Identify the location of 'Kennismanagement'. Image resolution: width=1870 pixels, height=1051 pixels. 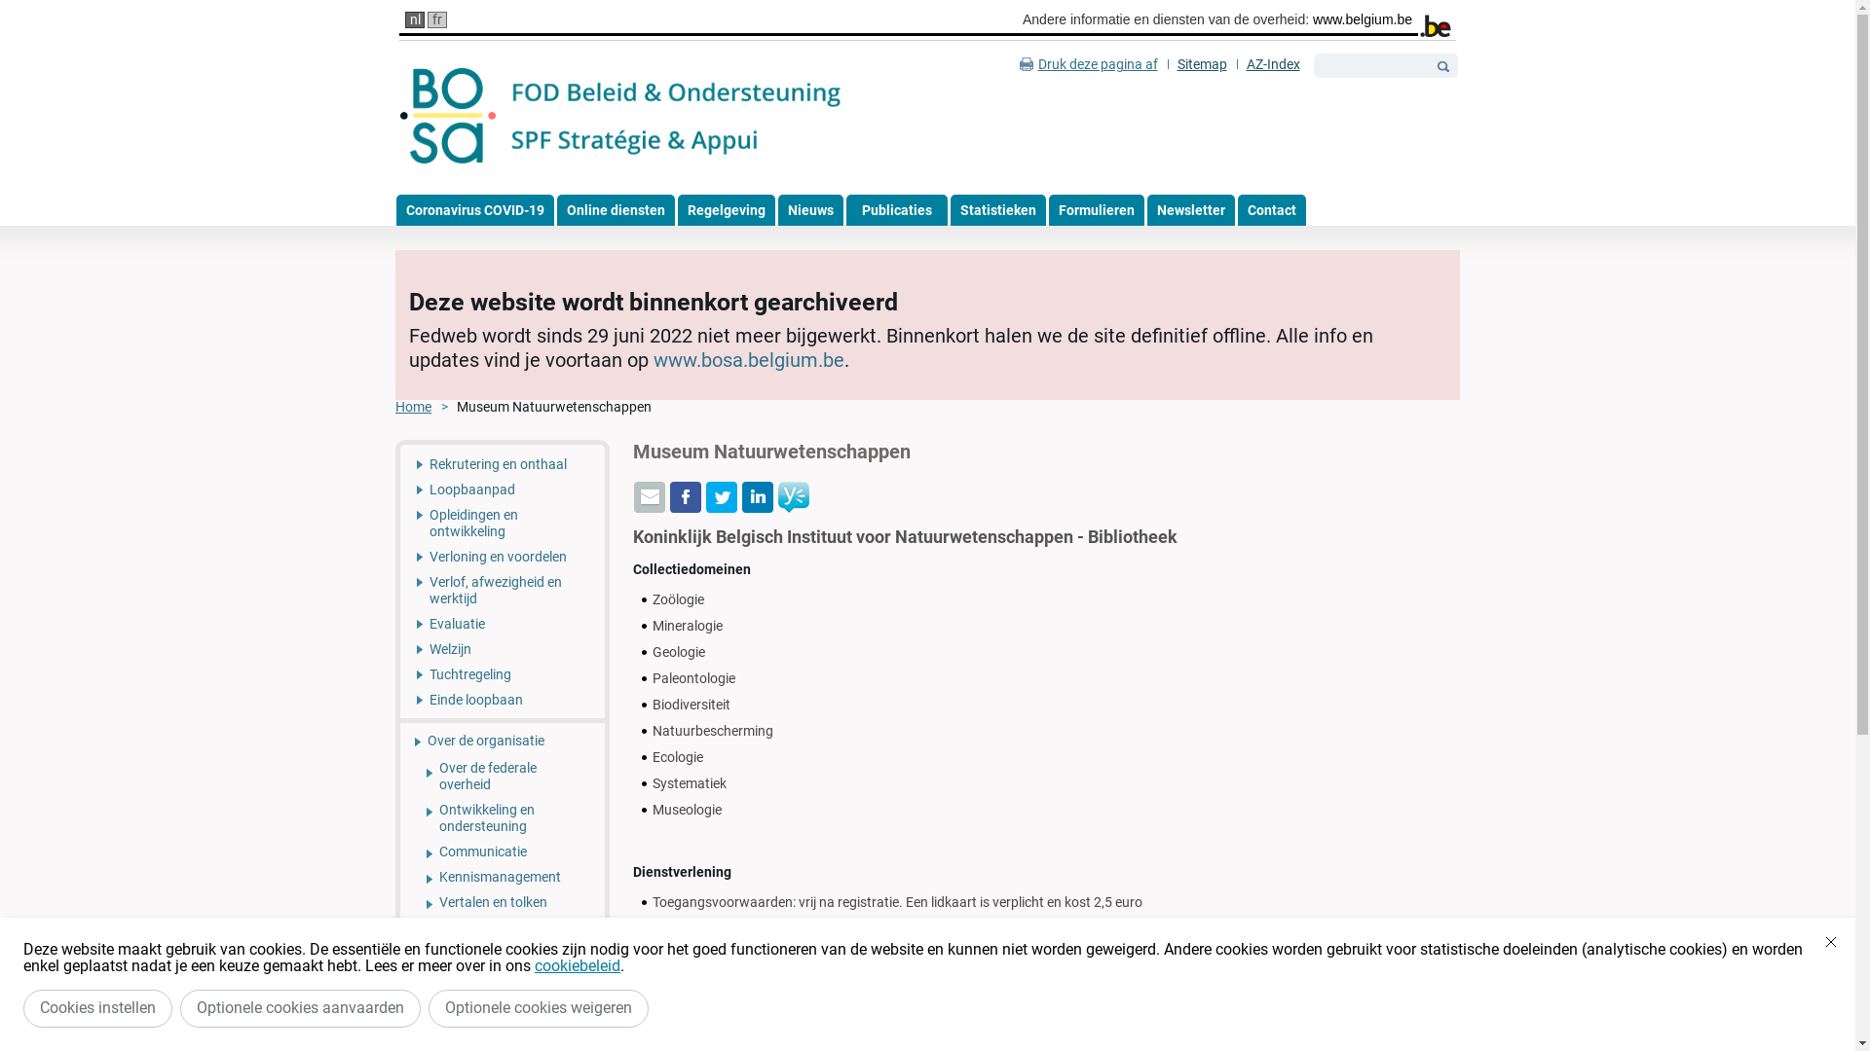
(399, 877).